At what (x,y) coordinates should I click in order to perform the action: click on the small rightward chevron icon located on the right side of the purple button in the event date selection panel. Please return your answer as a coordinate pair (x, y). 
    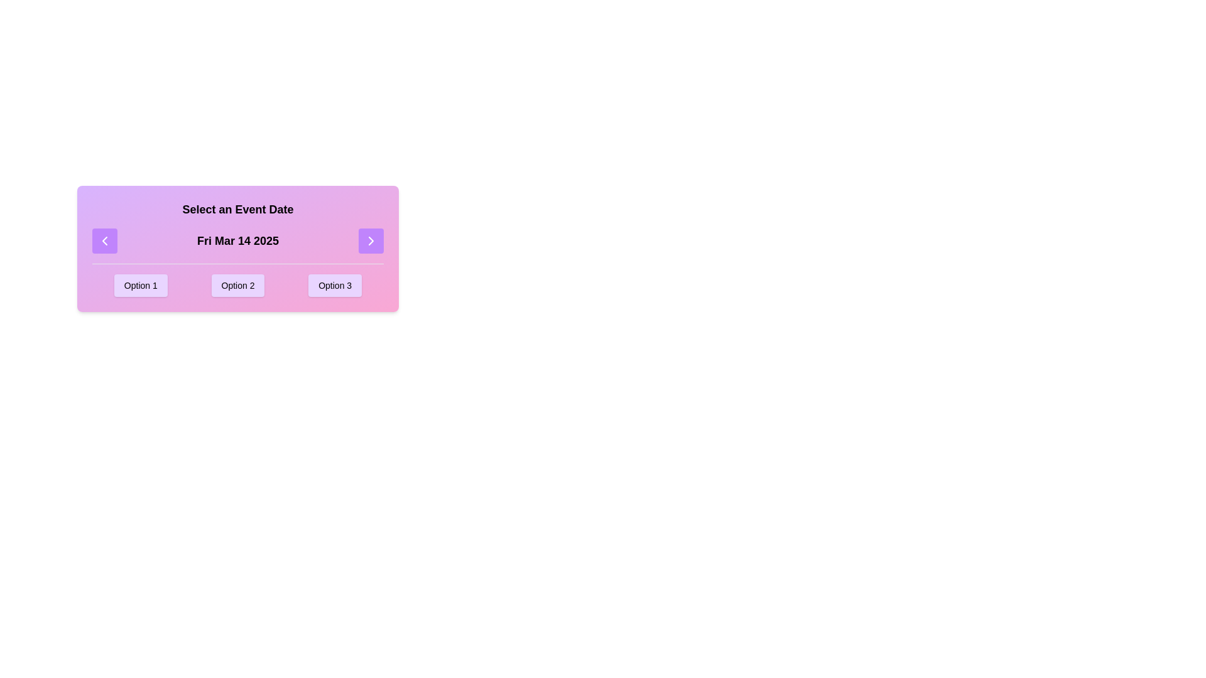
    Looking at the image, I should click on (370, 241).